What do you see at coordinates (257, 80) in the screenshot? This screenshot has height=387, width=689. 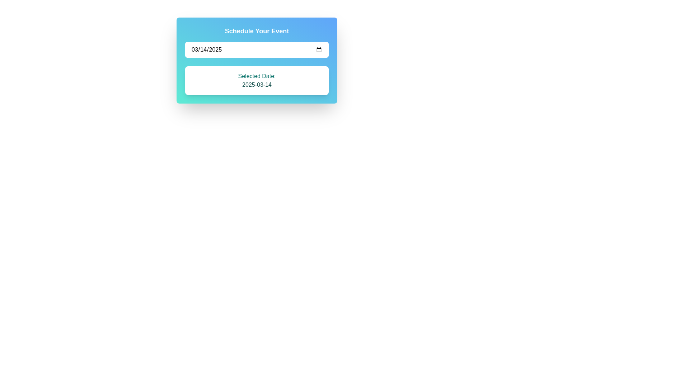 I see `the Static Display Box that displays the selected date, located below the date picker input field and titled 'Schedule Your Event'` at bounding box center [257, 80].